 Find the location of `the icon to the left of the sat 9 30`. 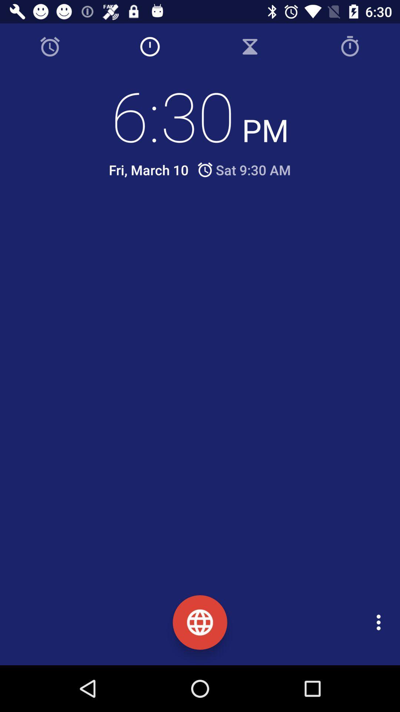

the icon to the left of the sat 9 30 is located at coordinates (149, 169).